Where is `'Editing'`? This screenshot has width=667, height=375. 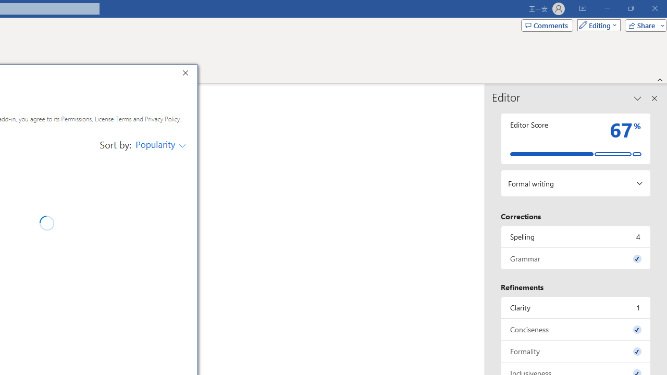
'Editing' is located at coordinates (596, 24).